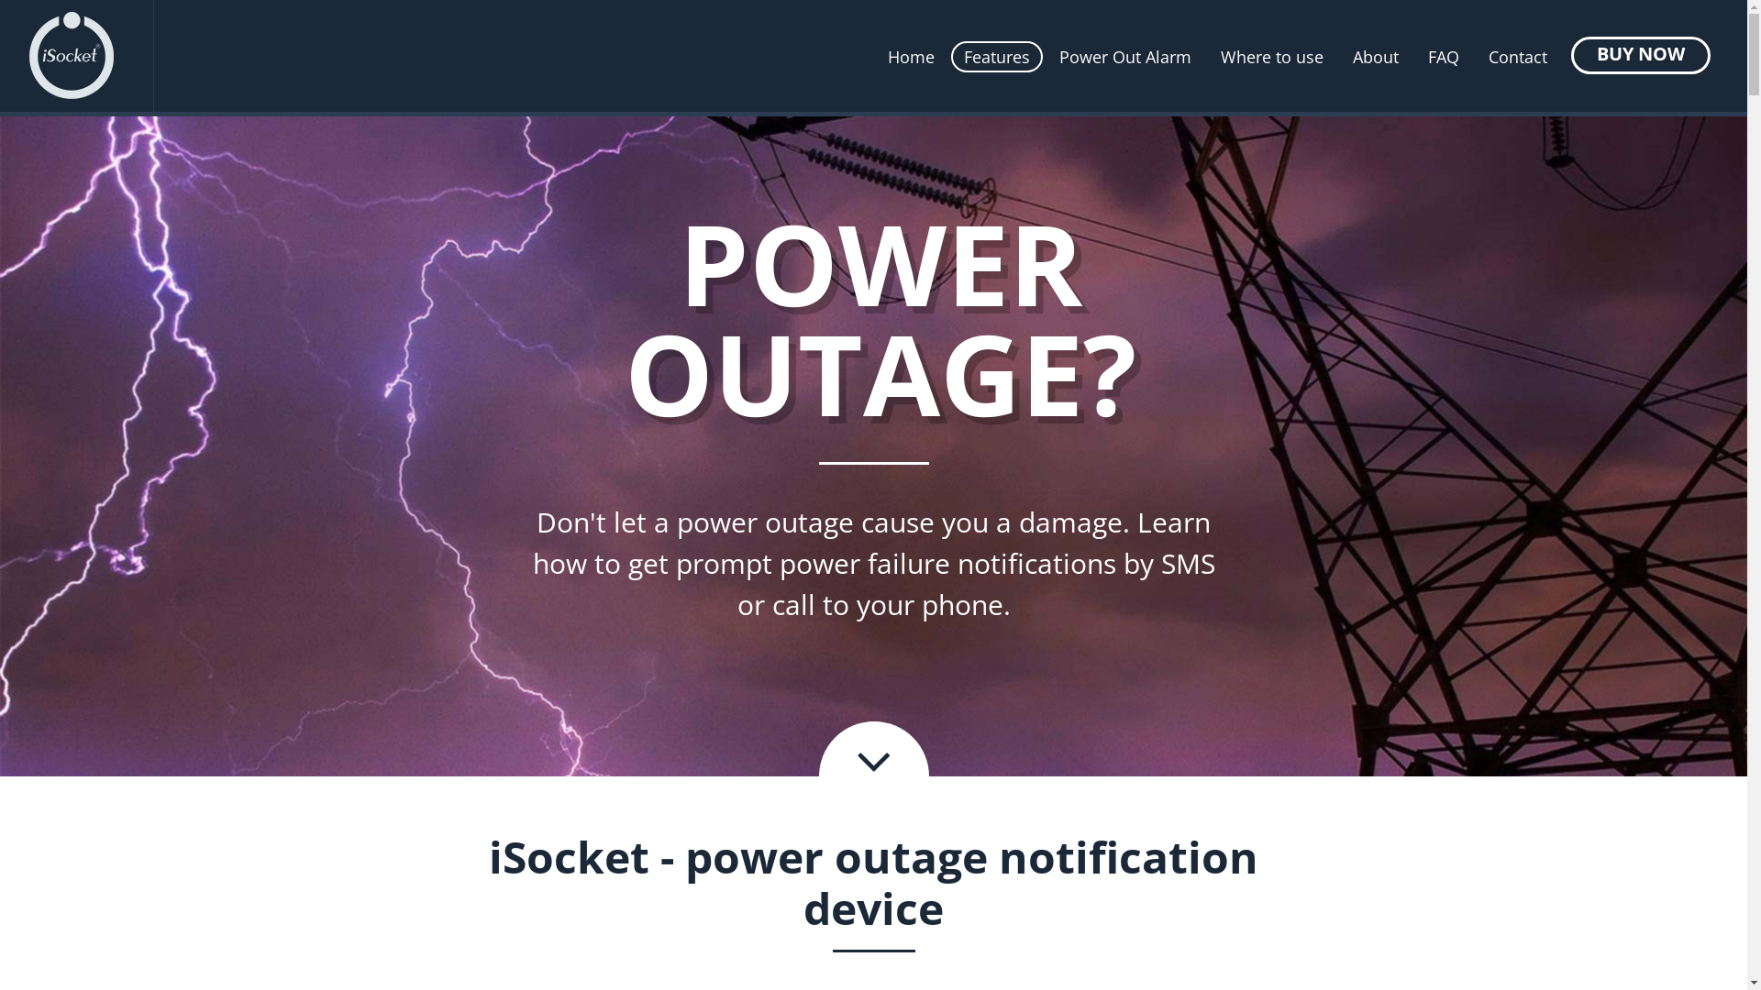 The width and height of the screenshot is (1761, 990). I want to click on 'Contact', so click(1518, 55).